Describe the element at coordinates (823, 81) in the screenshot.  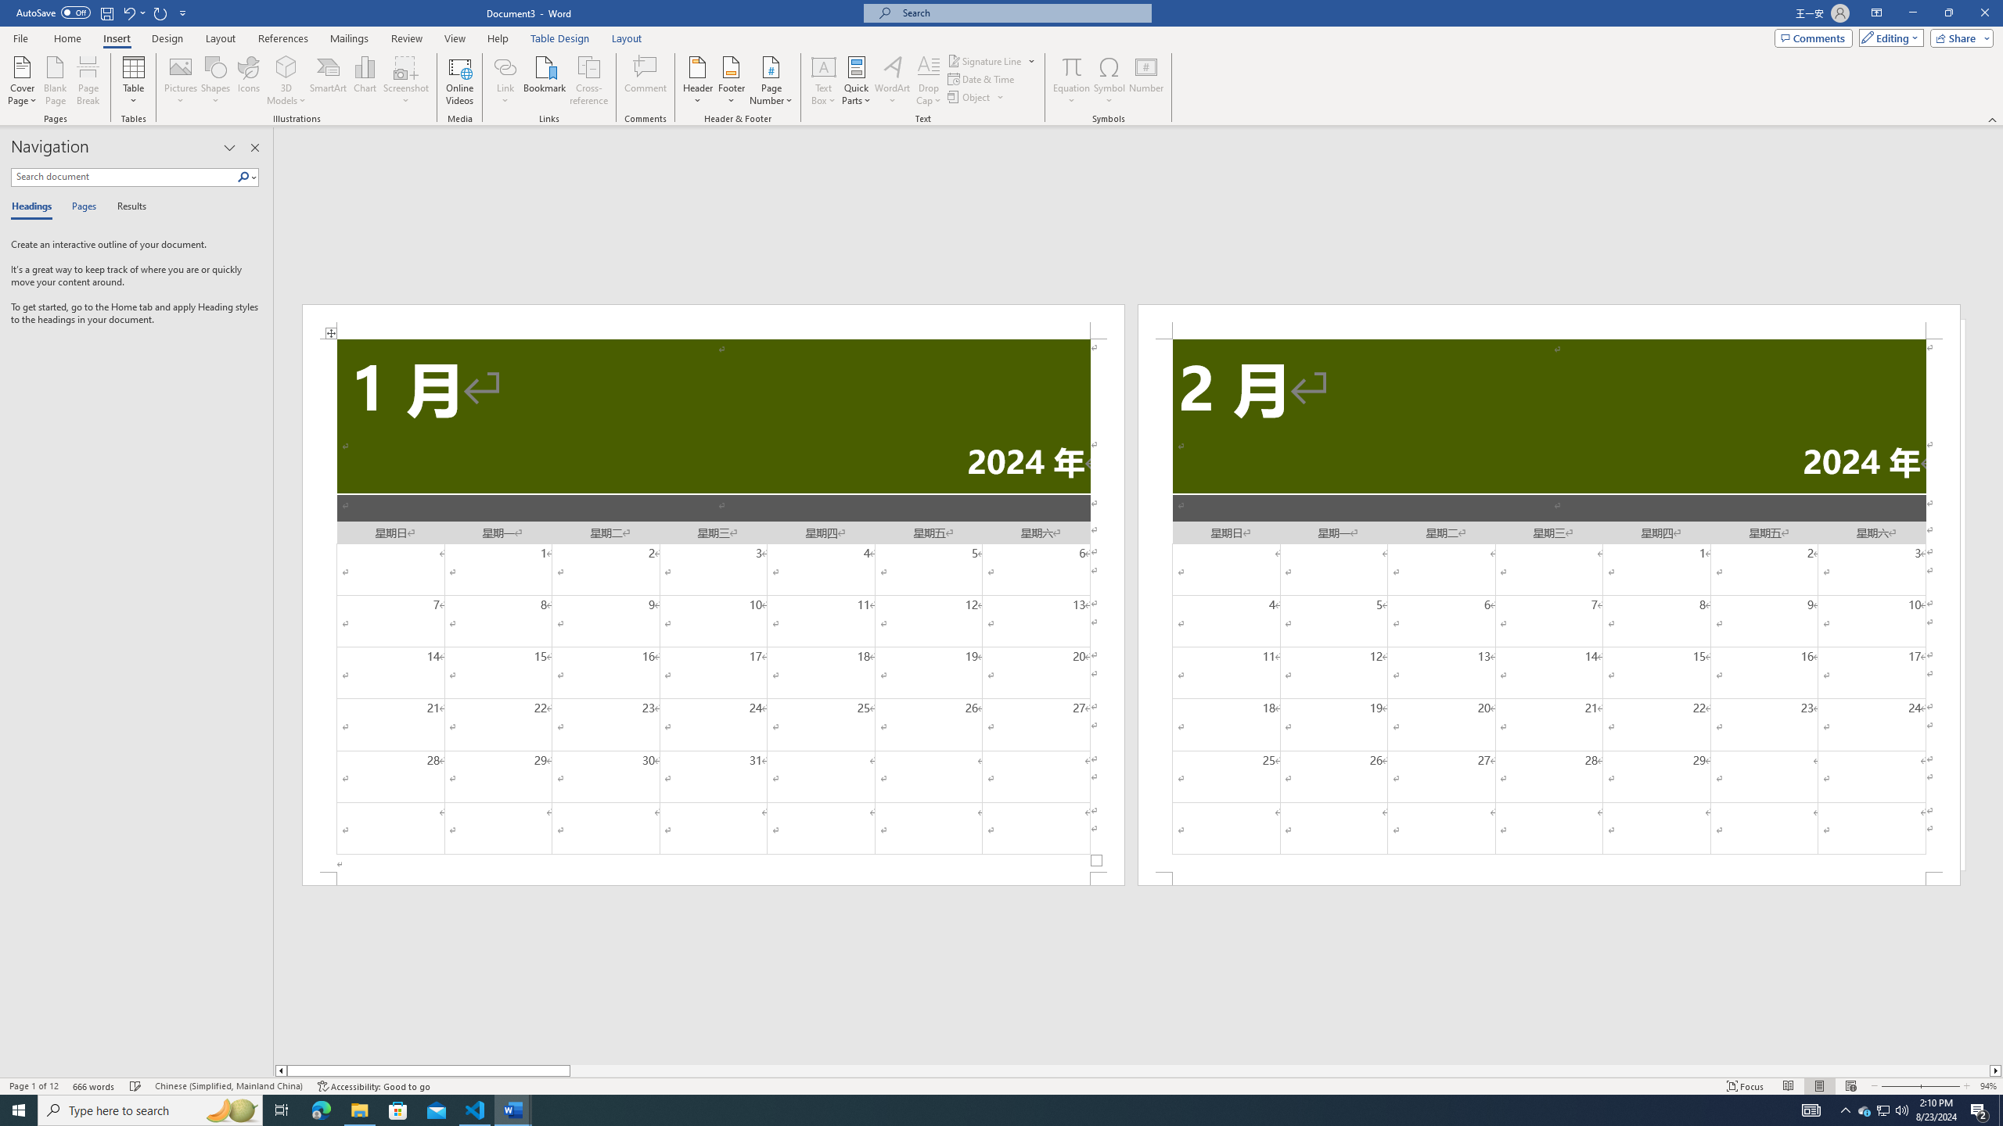
I see `'Text Box'` at that location.